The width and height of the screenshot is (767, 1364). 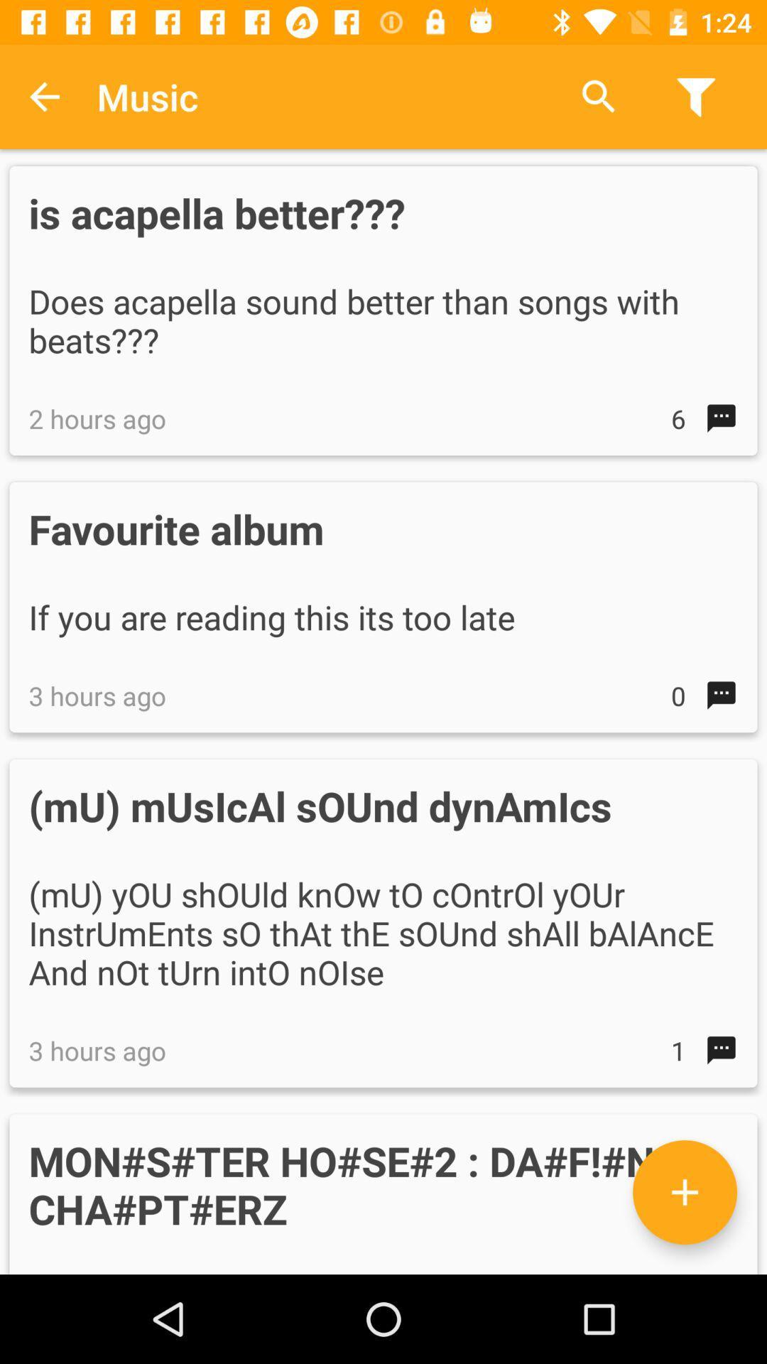 I want to click on the icon above the these are the icon, so click(x=684, y=1192).